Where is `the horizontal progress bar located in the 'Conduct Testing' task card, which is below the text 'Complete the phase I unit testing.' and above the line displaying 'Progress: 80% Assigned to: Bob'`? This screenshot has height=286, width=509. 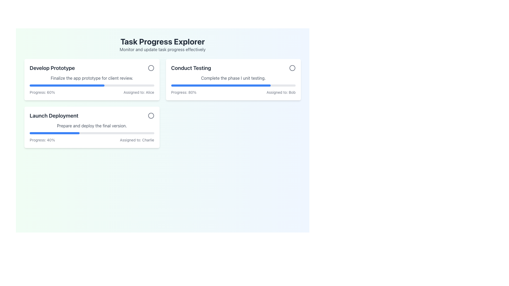 the horizontal progress bar located in the 'Conduct Testing' task card, which is below the text 'Complete the phase I unit testing.' and above the line displaying 'Progress: 80% Assigned to: Bob' is located at coordinates (233, 85).